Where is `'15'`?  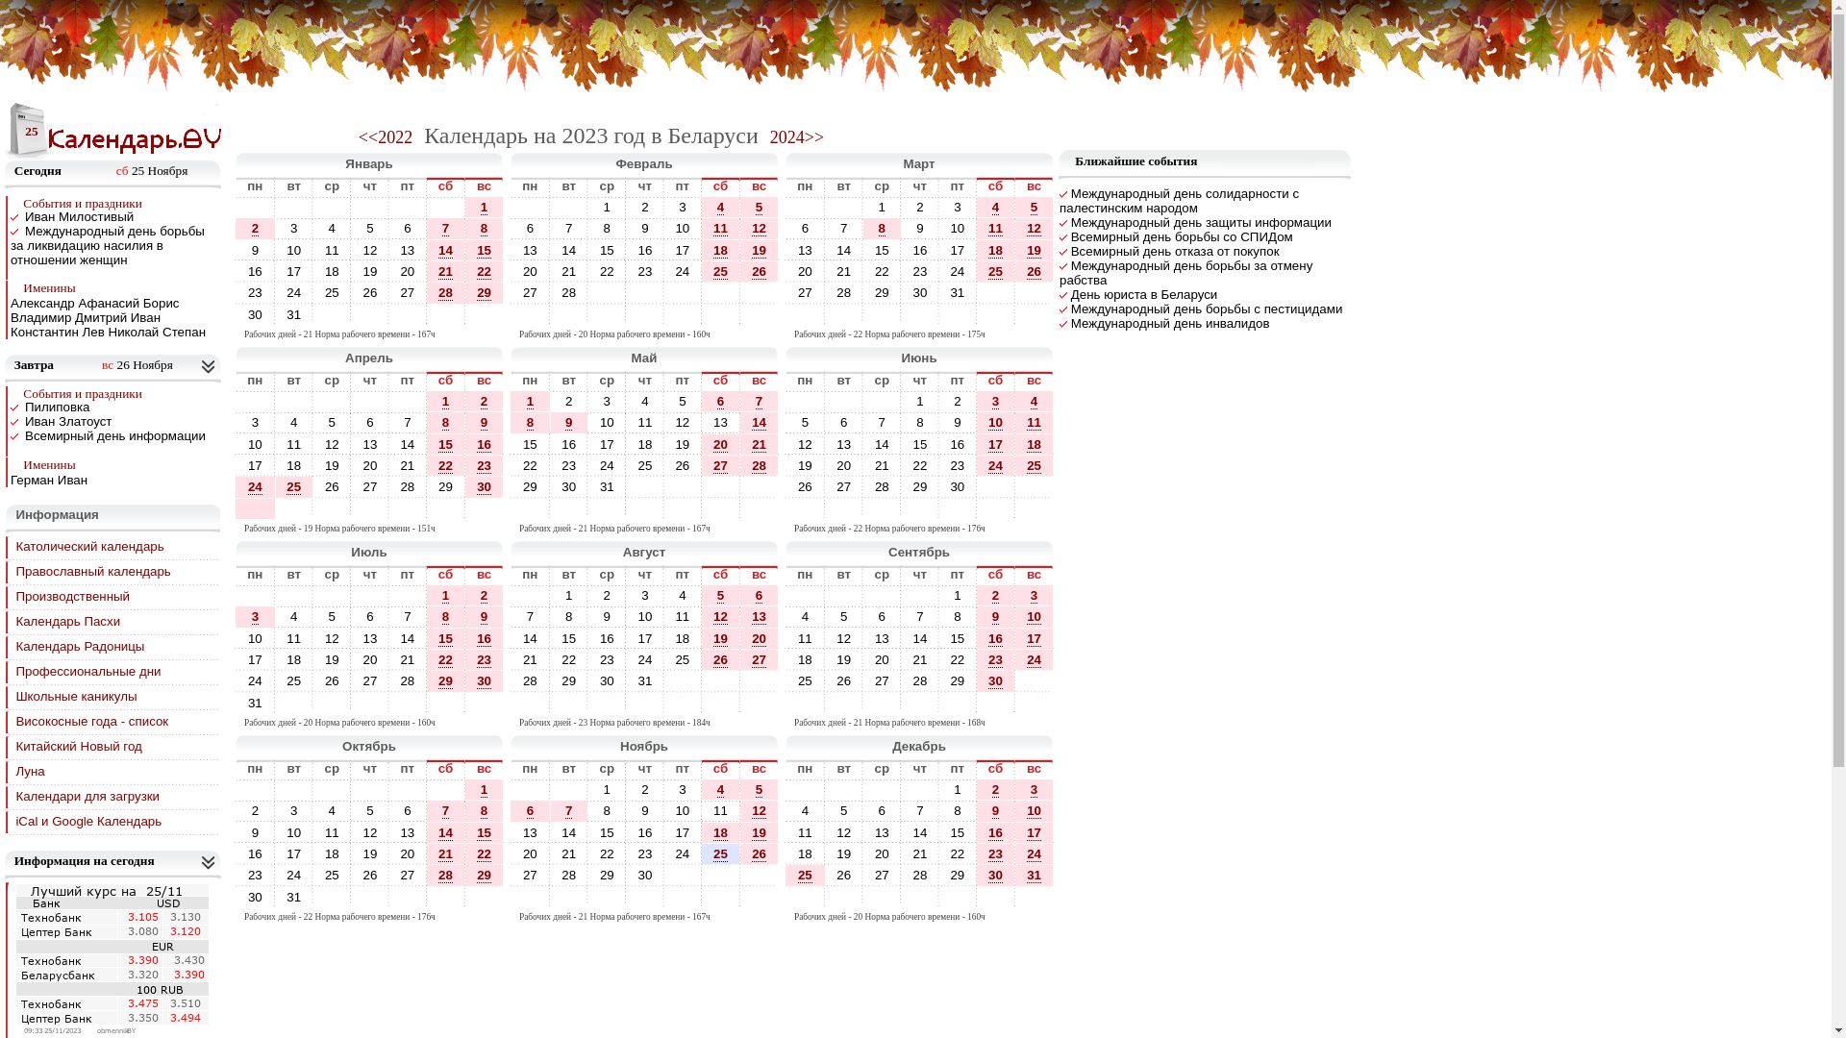
'15' is located at coordinates (484, 250).